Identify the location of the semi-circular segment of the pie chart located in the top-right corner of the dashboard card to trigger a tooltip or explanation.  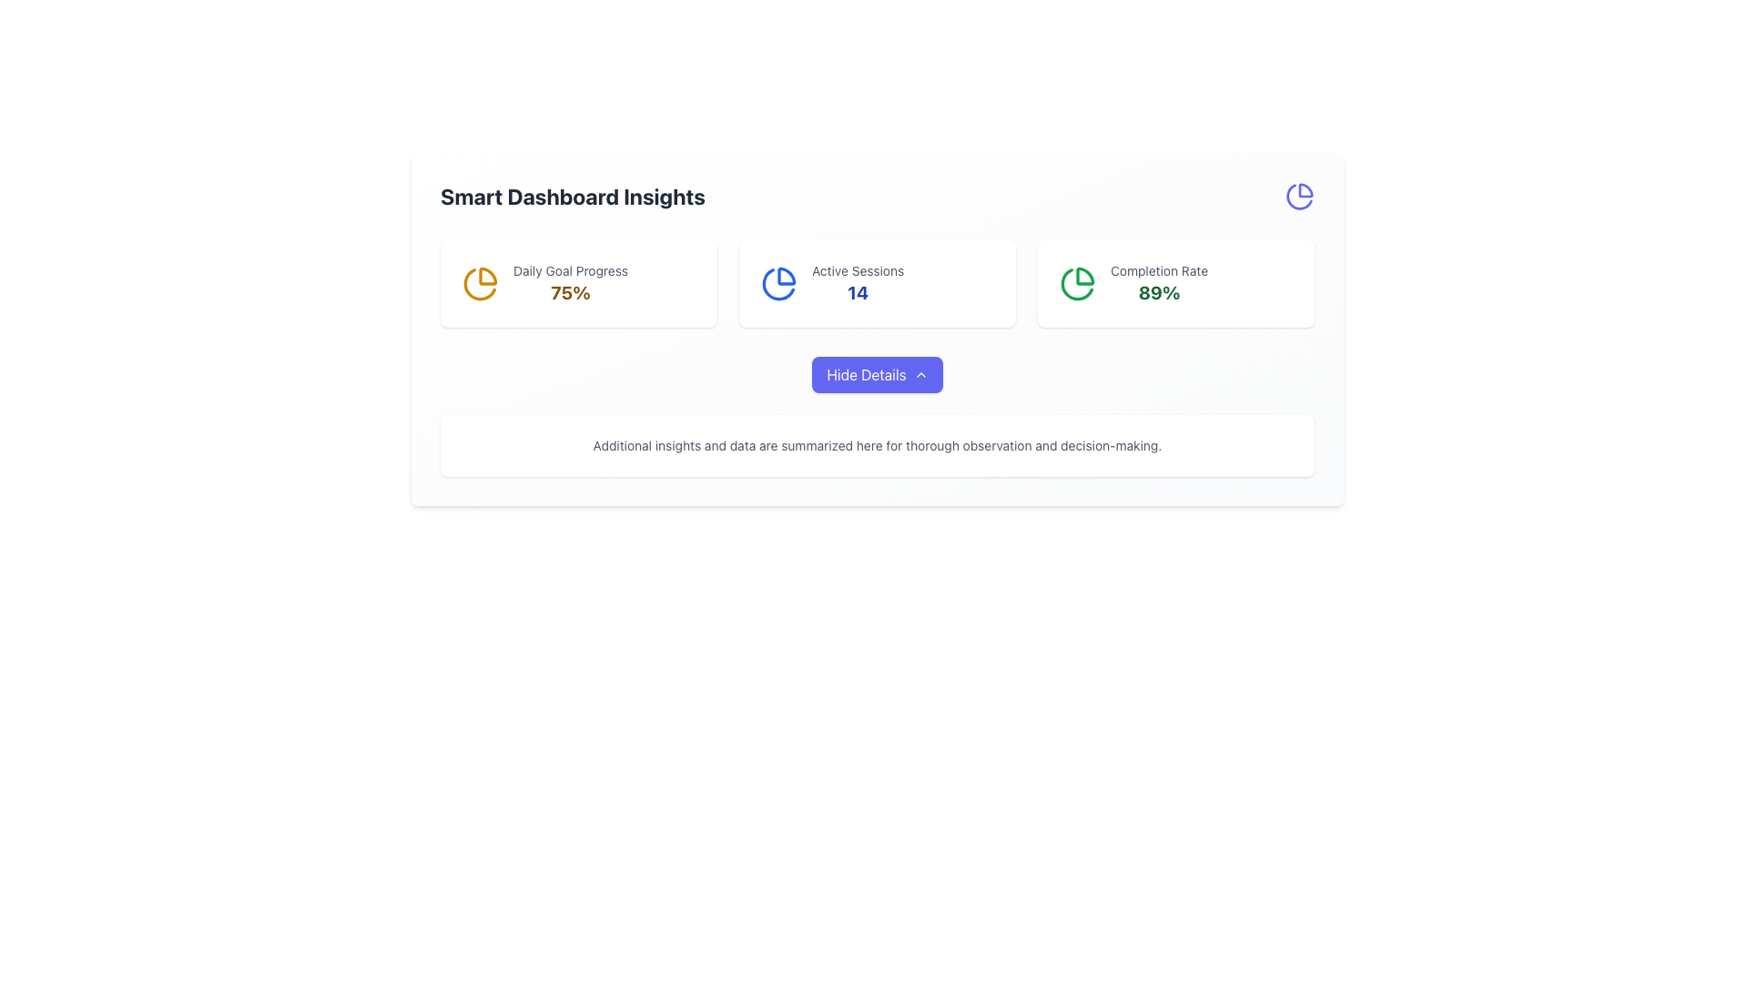
(1305, 190).